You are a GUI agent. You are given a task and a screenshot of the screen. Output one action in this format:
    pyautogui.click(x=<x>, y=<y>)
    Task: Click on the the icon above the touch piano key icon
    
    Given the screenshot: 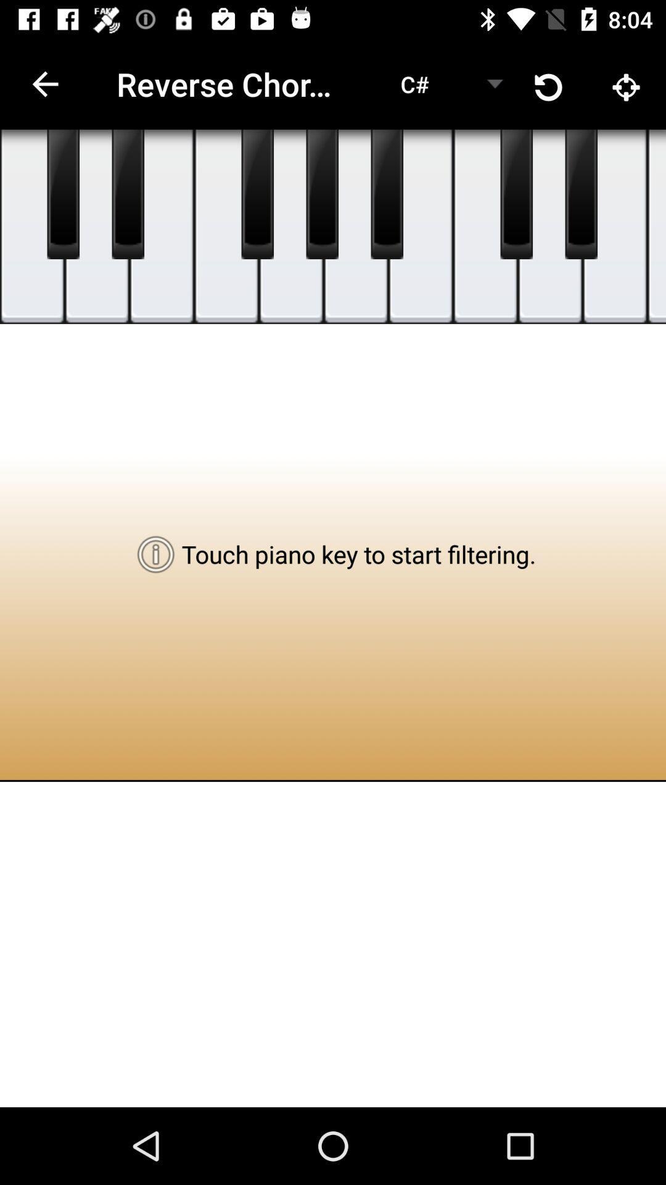 What is the action you would take?
    pyautogui.click(x=291, y=227)
    